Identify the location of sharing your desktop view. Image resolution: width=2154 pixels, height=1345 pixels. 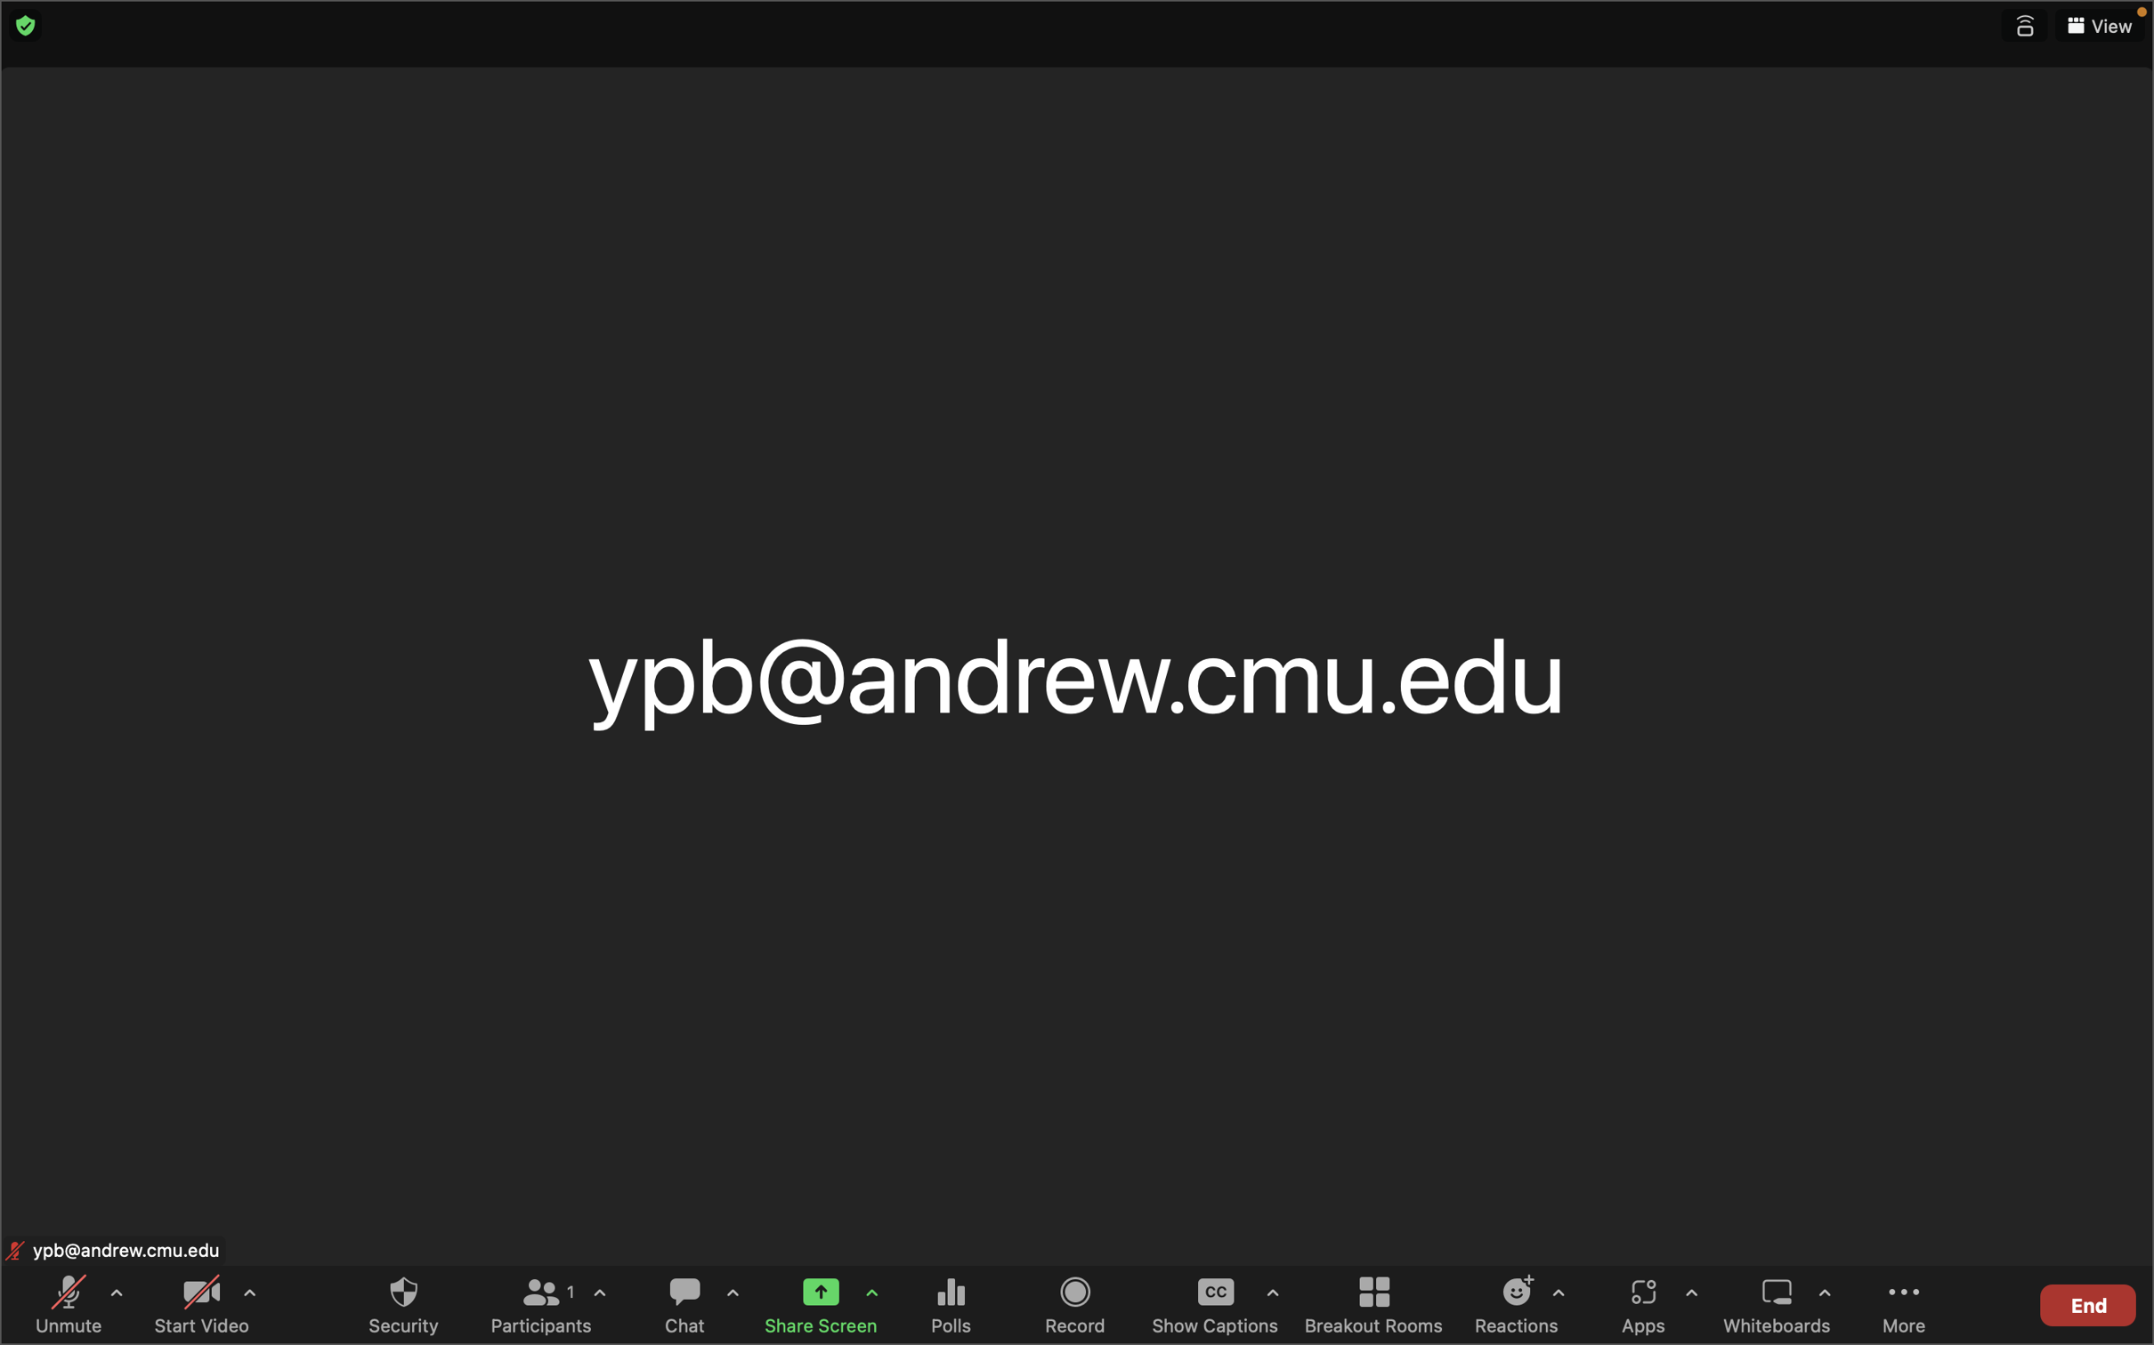
(814, 1301).